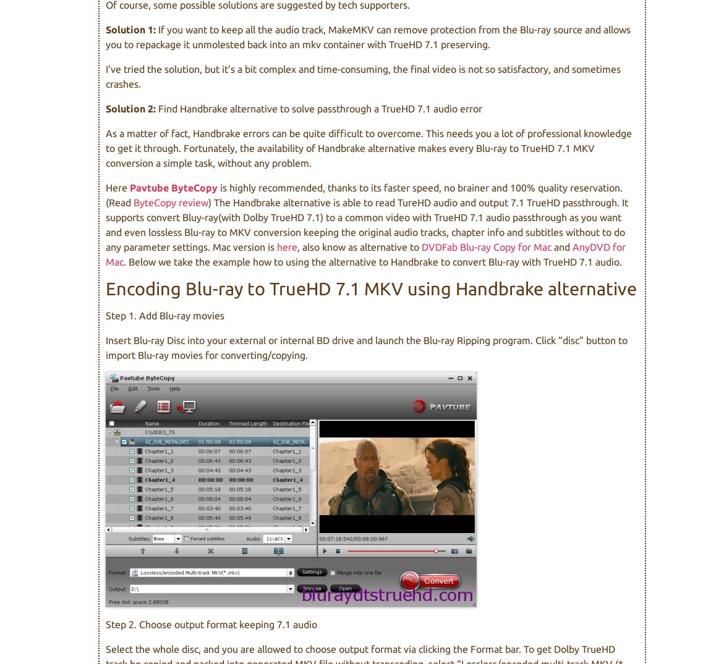 The height and width of the screenshot is (664, 711). What do you see at coordinates (105, 36) in the screenshot?
I see `'If you want to keep all the audio track, MakeMKV can remove protection from the Blu-ray source and allows you to repackage it unmolested back into an mkv container with TrueHD 7.1 preserving.'` at bounding box center [105, 36].